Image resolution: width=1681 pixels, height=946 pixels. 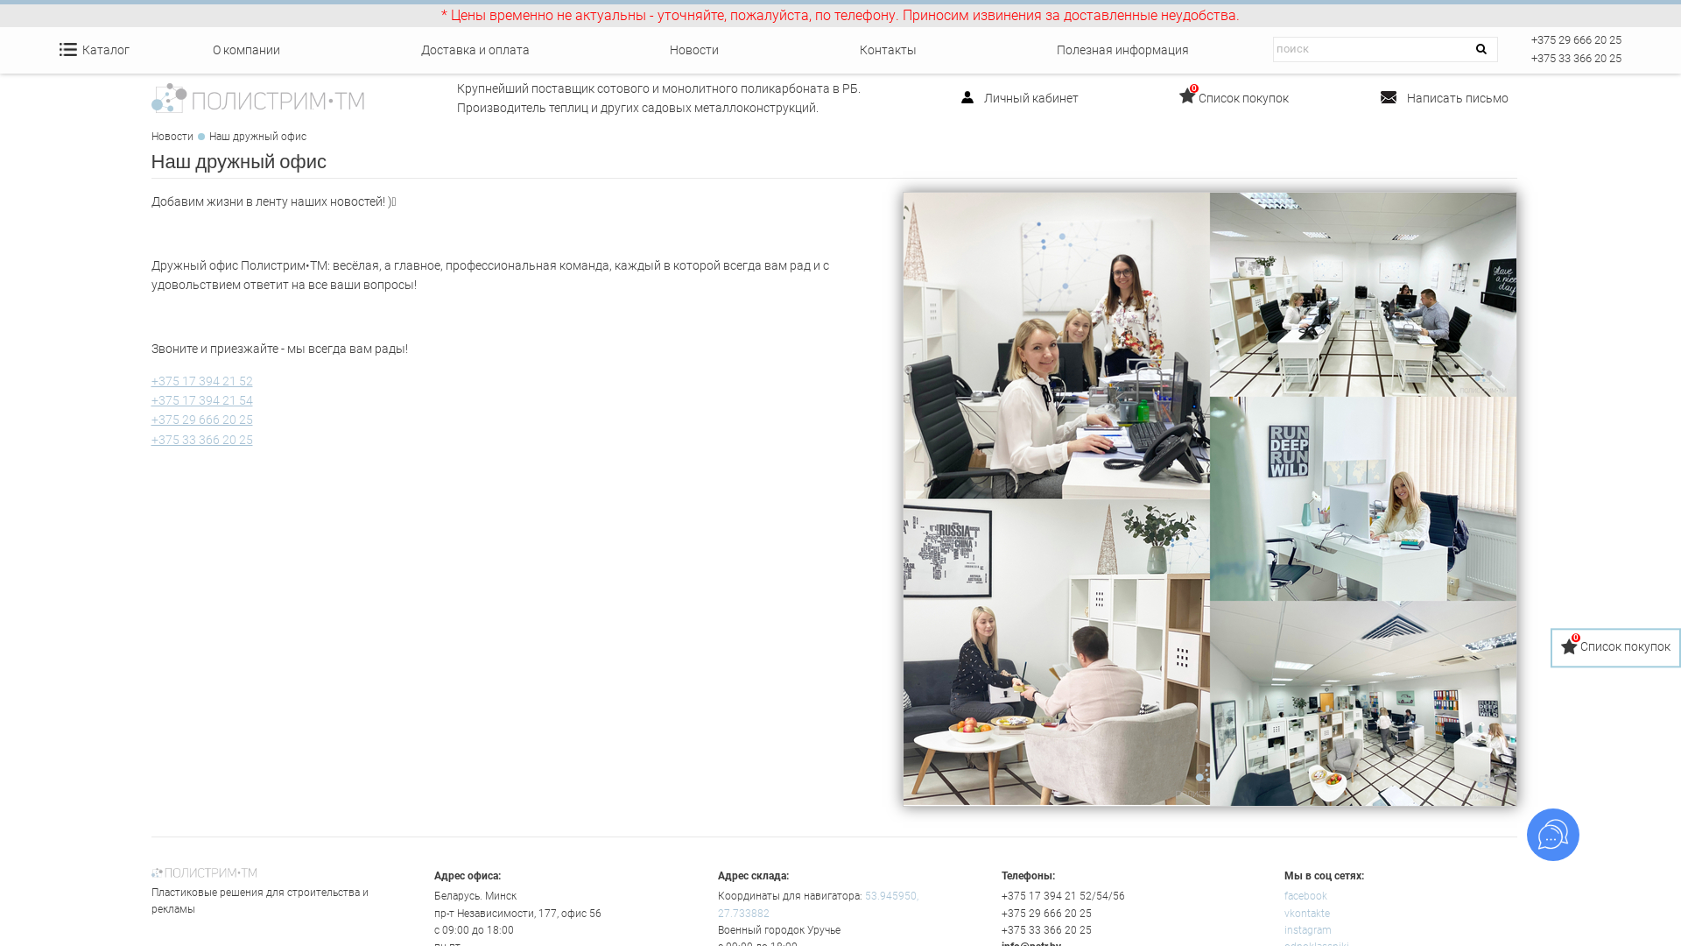 I want to click on 'vkontakte', so click(x=1306, y=912).